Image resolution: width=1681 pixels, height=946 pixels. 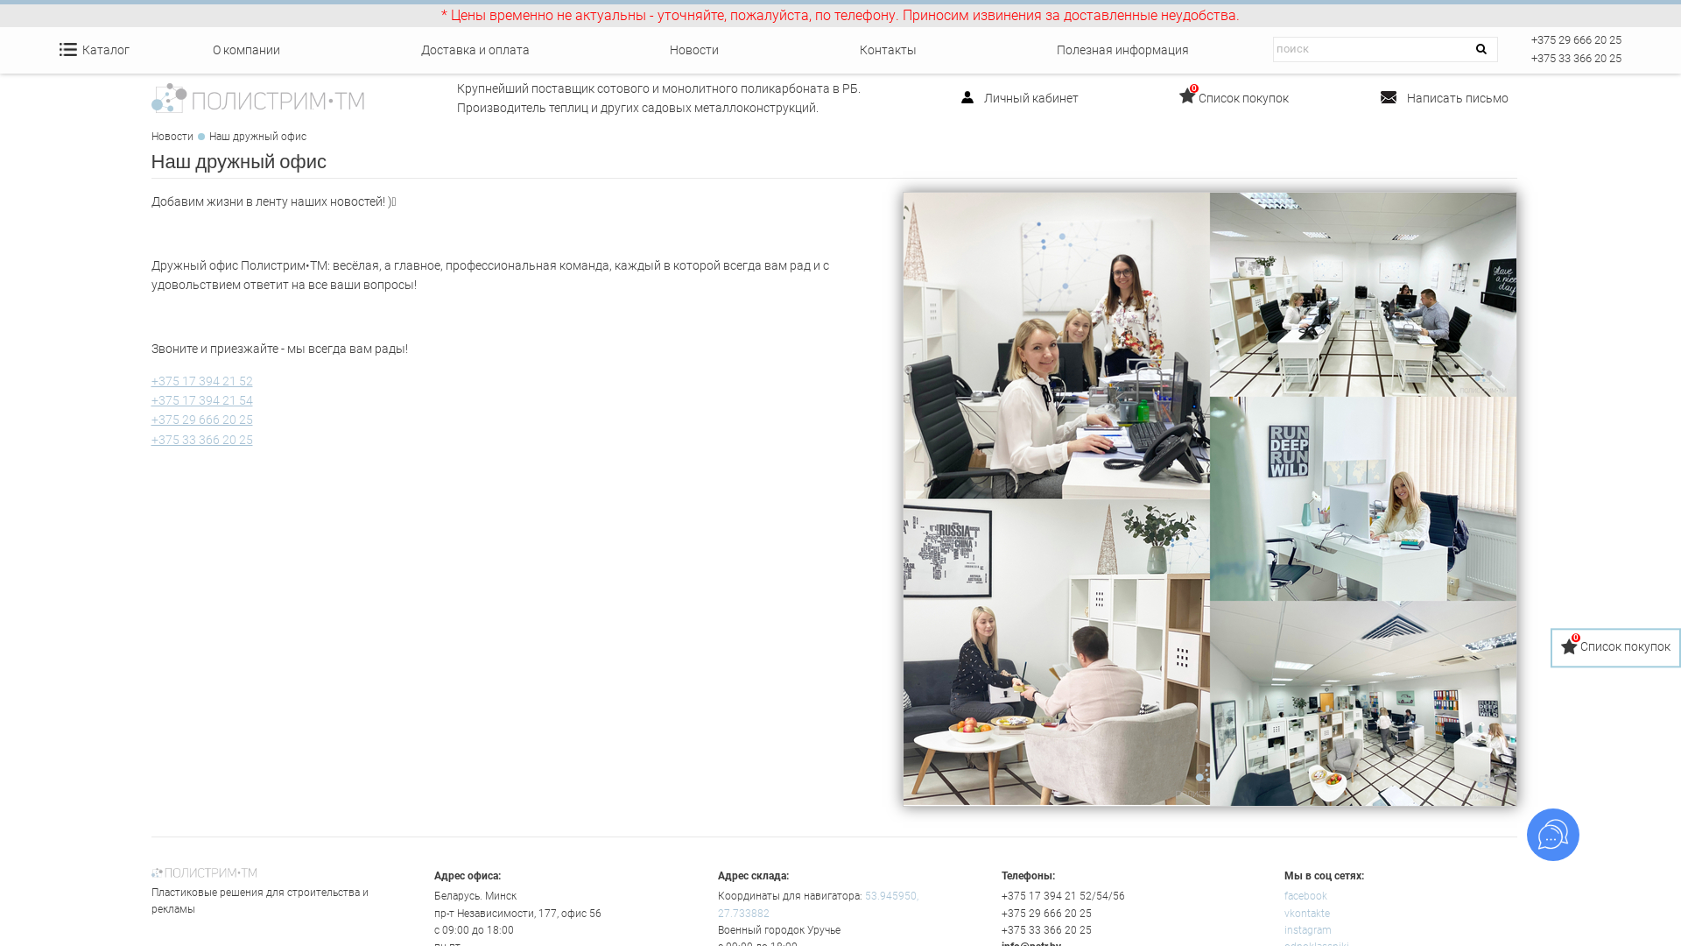 I want to click on 'vkontakte', so click(x=1306, y=912).